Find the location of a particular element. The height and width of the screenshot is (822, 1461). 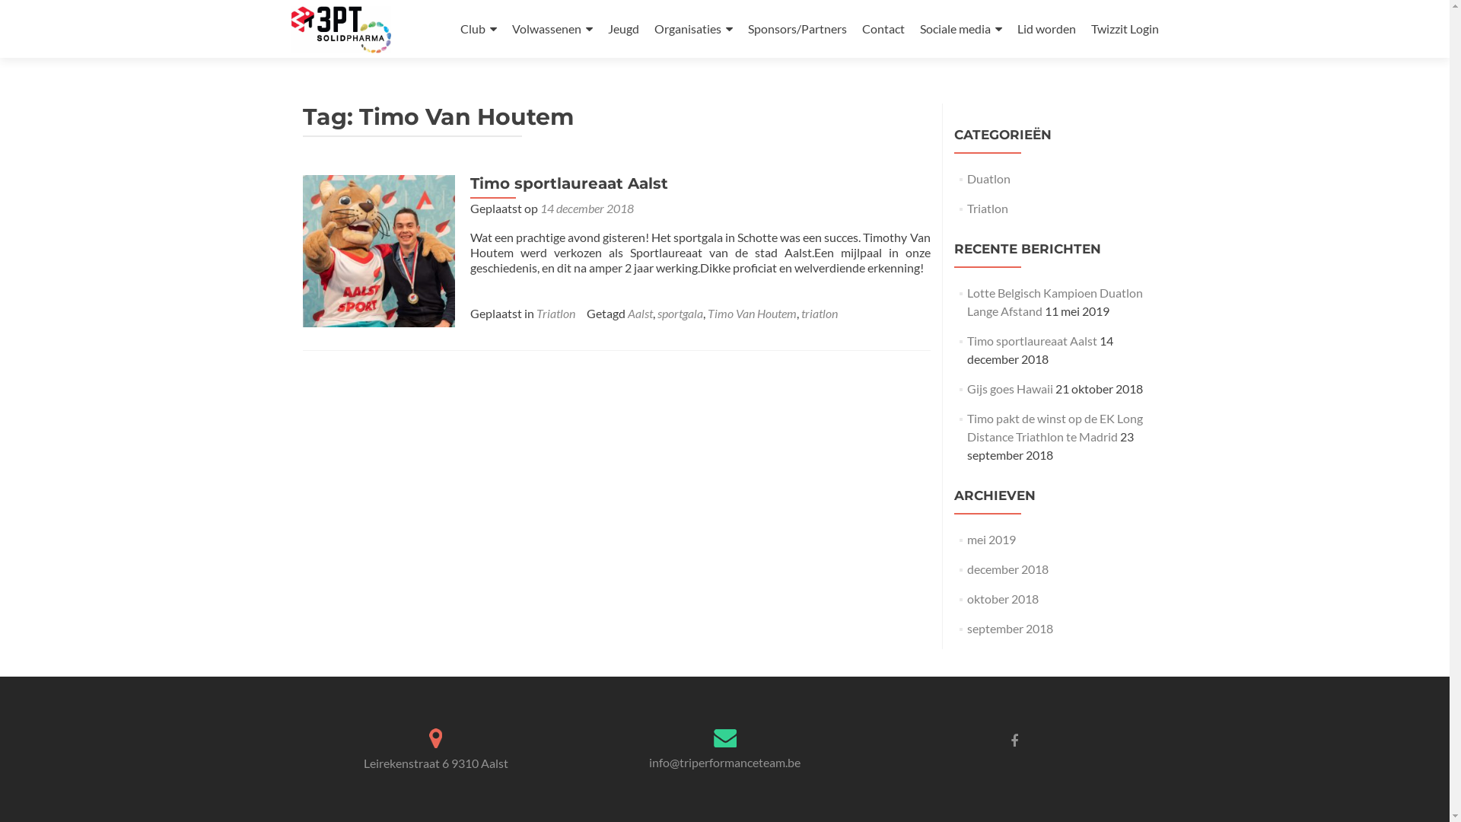

'oktober 2018' is located at coordinates (1003, 597).